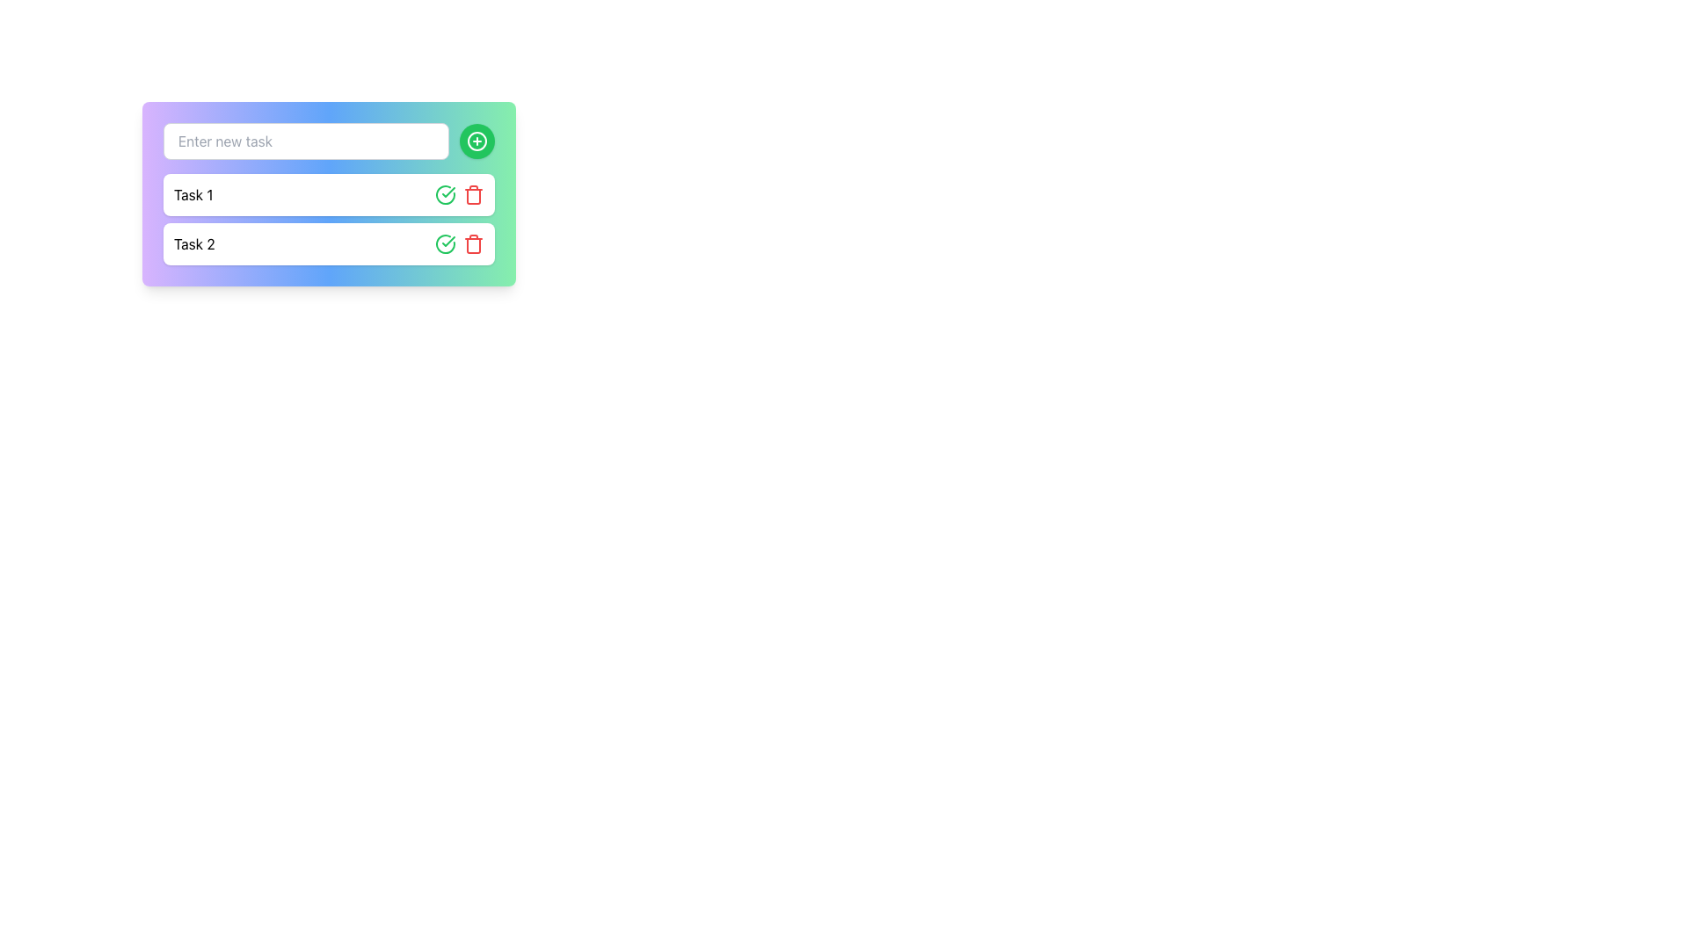 This screenshot has width=1688, height=949. Describe the element at coordinates (477, 141) in the screenshot. I see `the SVG Circle Element that represents the 'add' action, which is styled in green with a white plus sign at its center, located at the top-right corner of the task management interface` at that location.